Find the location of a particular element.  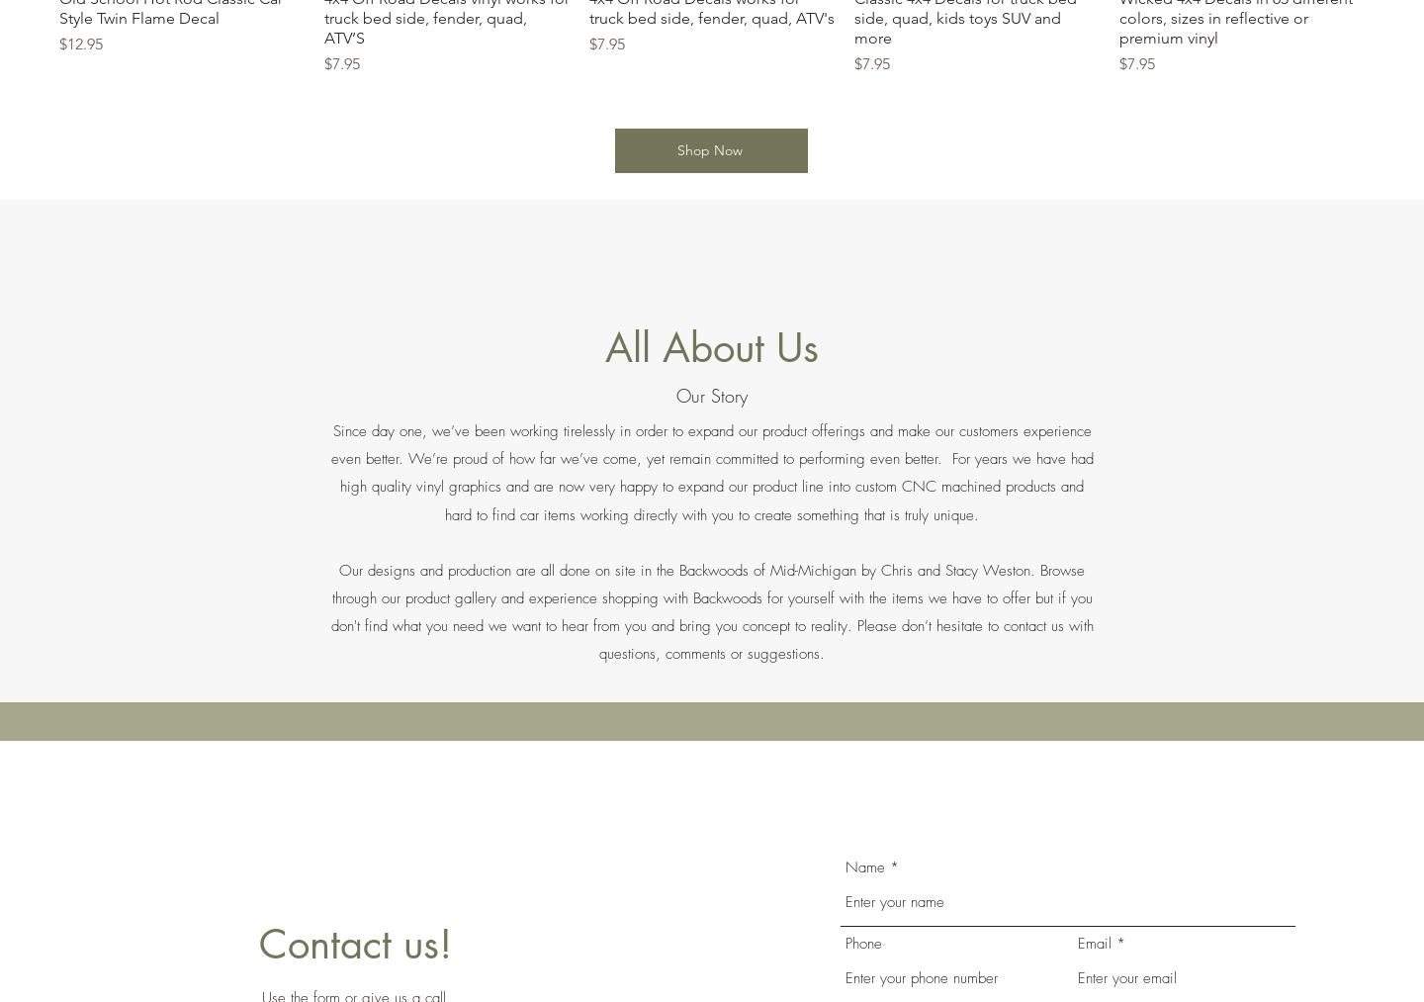

'Our designs and production are all done on site in the Backwoods of Mid-Michigan by Chris and Stacy Weston. Browse through our product gallery and experience shopping with Backwoods for yourself with the items we have to offer but if you don't find what you need we want to hear from you and bring you concept to reality. Please don’t hesitate to contact us with questions, comments or suggestions.' is located at coordinates (711, 610).